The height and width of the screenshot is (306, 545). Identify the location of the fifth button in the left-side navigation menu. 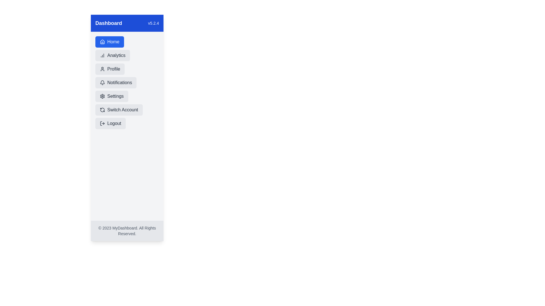
(112, 96).